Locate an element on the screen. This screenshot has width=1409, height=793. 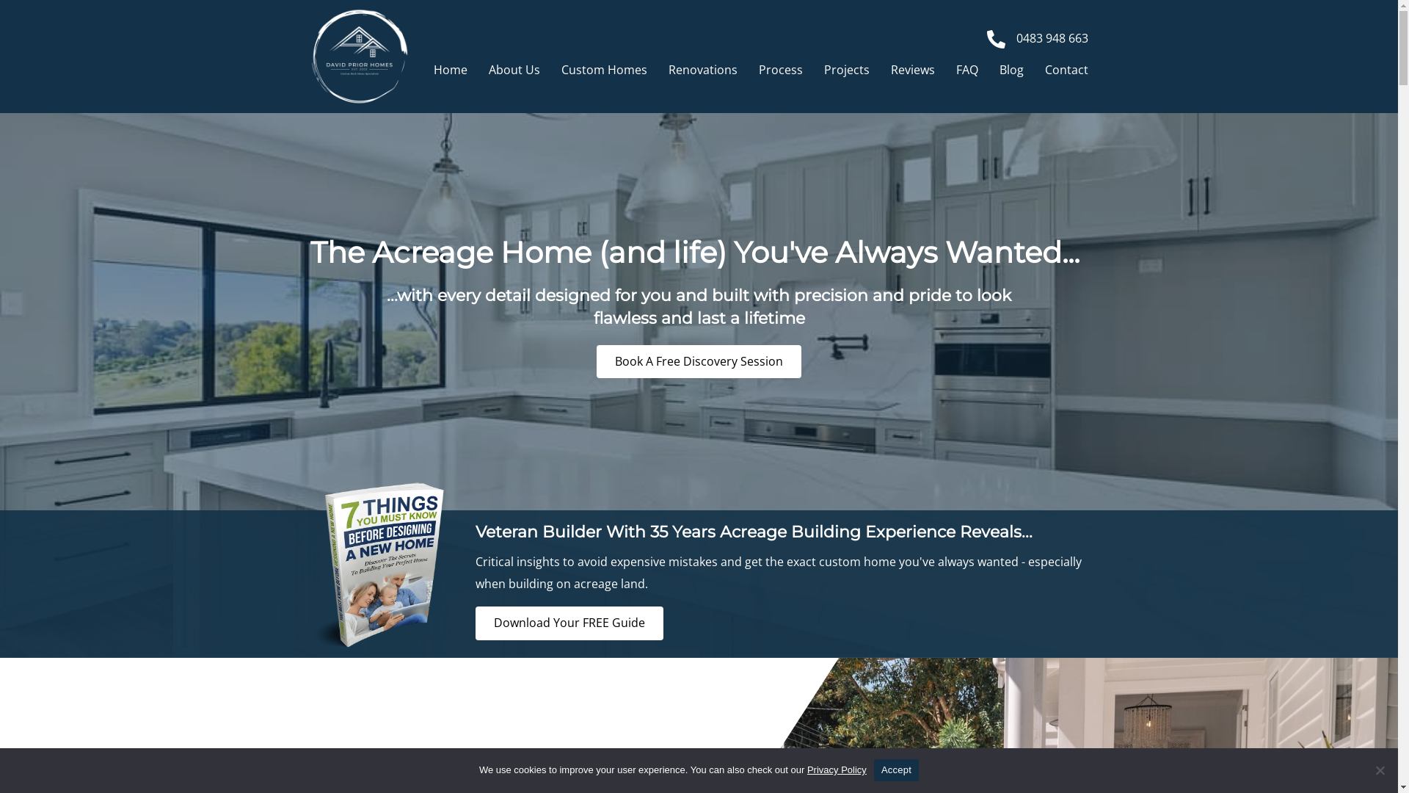
'7ThingsCoverHigh-Res' is located at coordinates (377, 565).